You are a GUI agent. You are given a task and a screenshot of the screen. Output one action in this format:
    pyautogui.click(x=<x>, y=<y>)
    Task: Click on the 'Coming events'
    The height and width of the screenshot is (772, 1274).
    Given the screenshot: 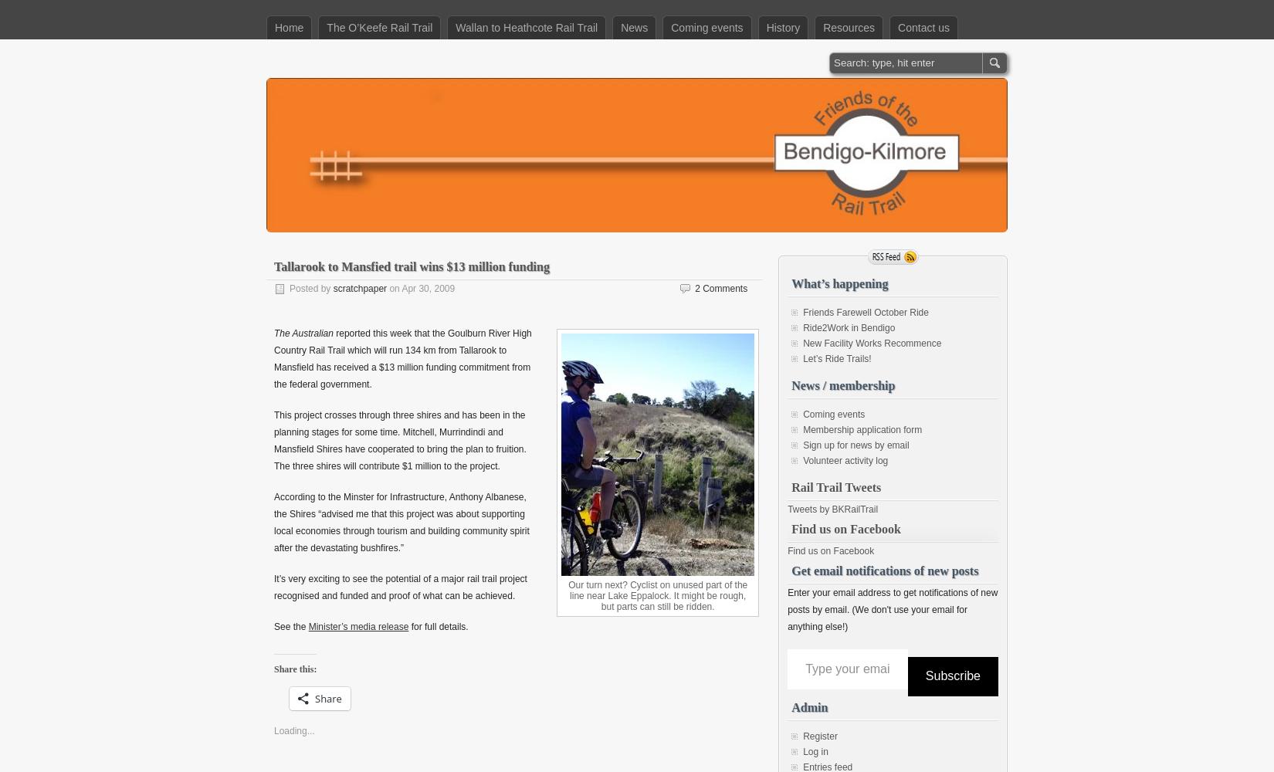 What is the action you would take?
    pyautogui.click(x=833, y=415)
    